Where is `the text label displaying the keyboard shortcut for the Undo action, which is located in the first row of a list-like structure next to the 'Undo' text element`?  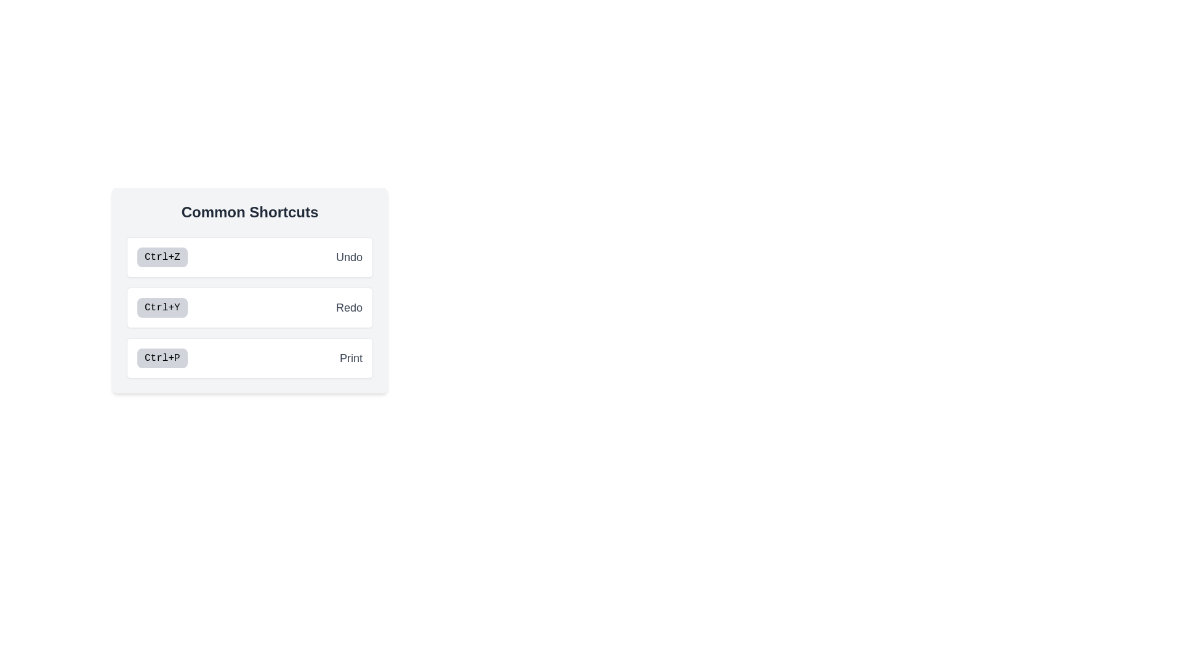
the text label displaying the keyboard shortcut for the Undo action, which is located in the first row of a list-like structure next to the 'Undo' text element is located at coordinates (161, 256).